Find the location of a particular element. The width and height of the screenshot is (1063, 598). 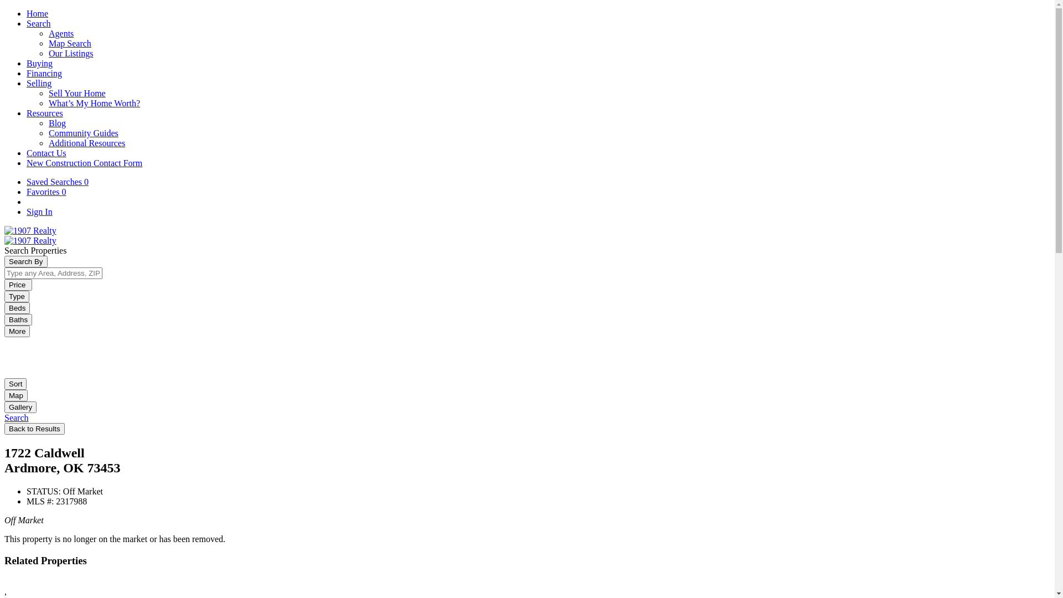

'Map' is located at coordinates (16, 394).